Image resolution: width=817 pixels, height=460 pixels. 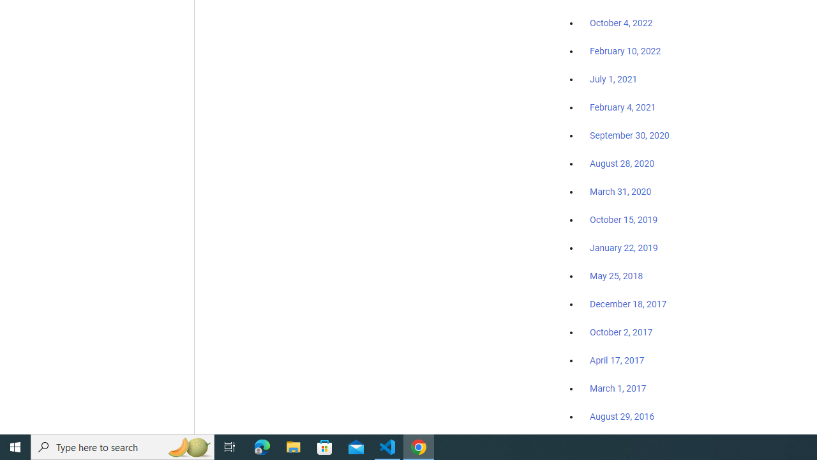 What do you see at coordinates (621, 24) in the screenshot?
I see `'October 4, 2022'` at bounding box center [621, 24].